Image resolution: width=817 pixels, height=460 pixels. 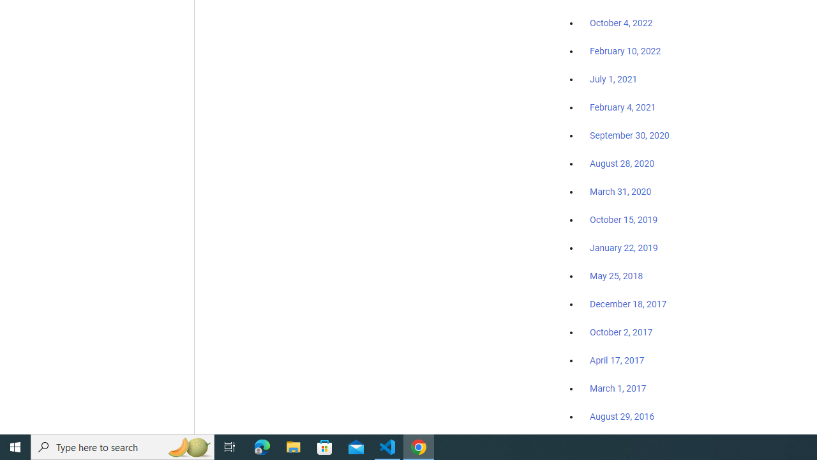 What do you see at coordinates (621, 24) in the screenshot?
I see `'October 4, 2022'` at bounding box center [621, 24].